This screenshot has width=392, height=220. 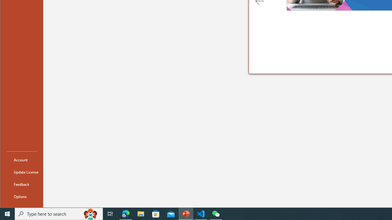 I want to click on 'File Explorer', so click(x=141, y=213).